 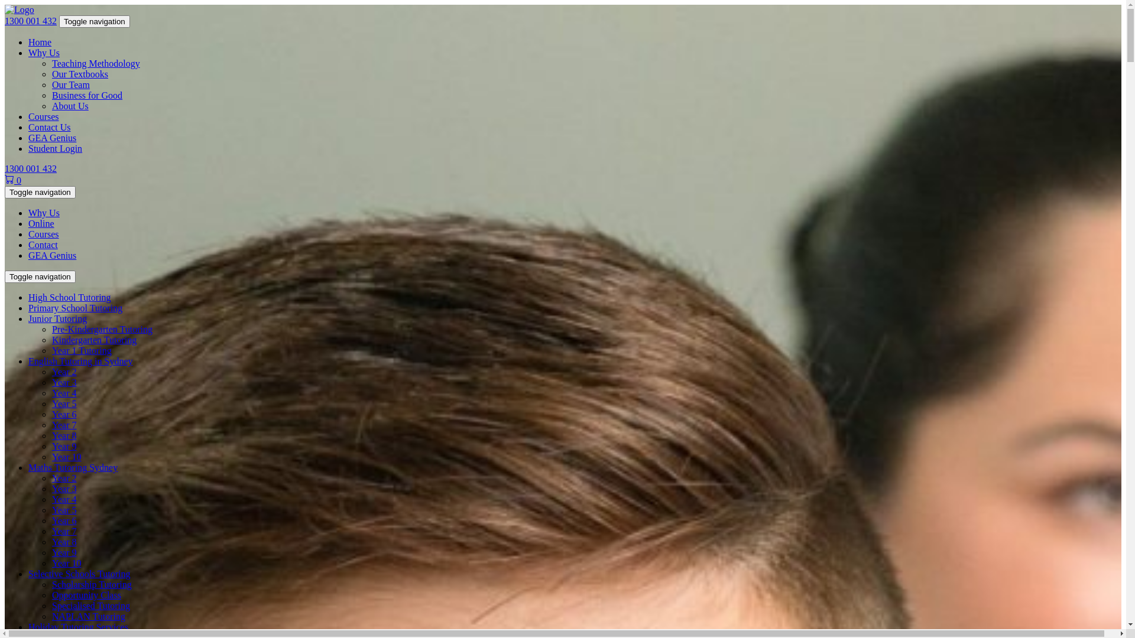 I want to click on 'Student Login', so click(x=54, y=148).